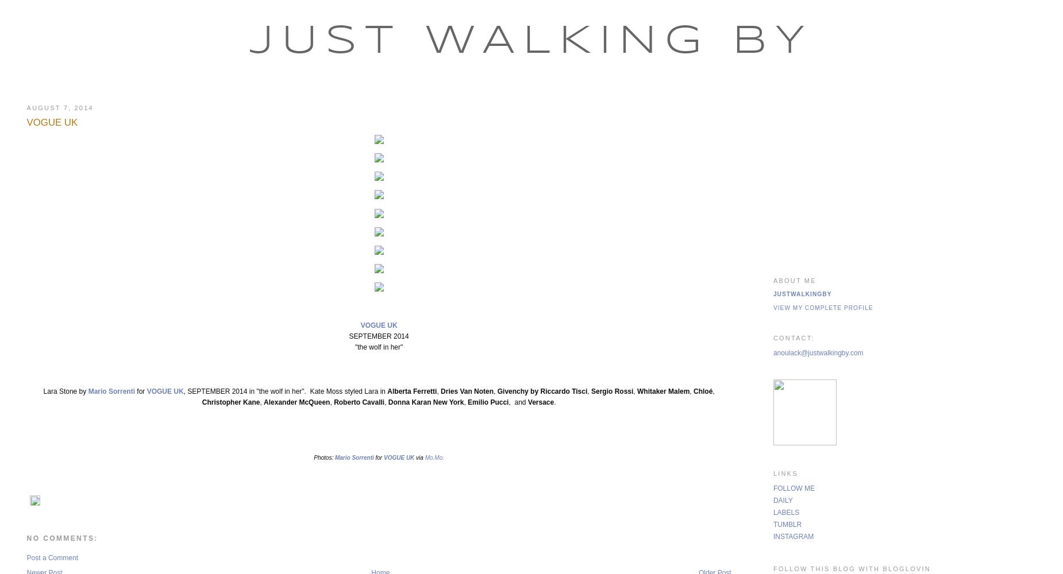 The width and height of the screenshot is (1063, 574). I want to click on 'via', so click(419, 457).